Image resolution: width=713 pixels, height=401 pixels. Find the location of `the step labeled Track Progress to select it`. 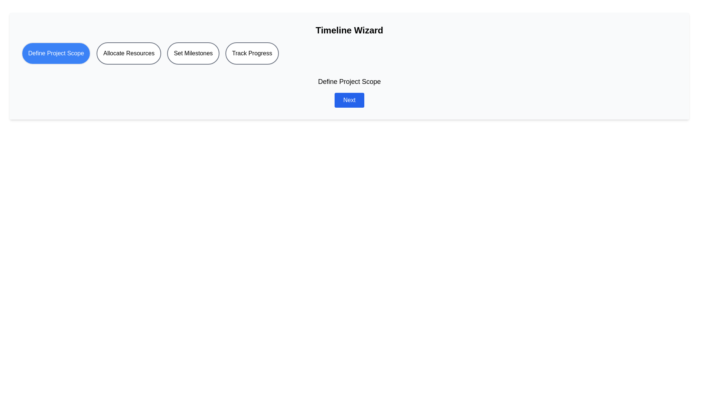

the step labeled Track Progress to select it is located at coordinates (252, 53).